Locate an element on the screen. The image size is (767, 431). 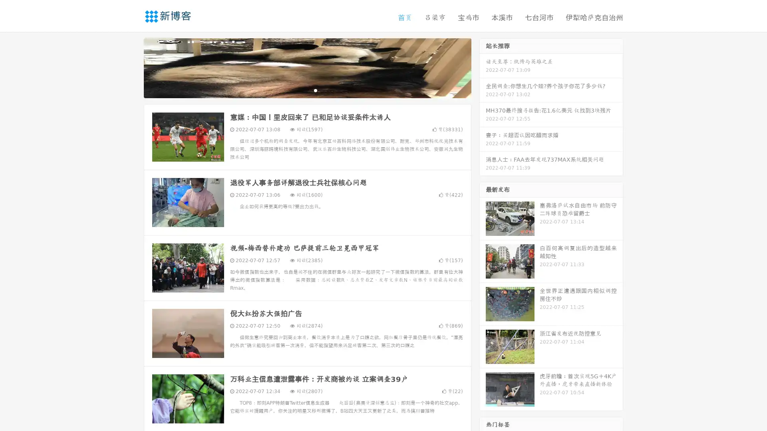
Go to slide 3 is located at coordinates (315, 90).